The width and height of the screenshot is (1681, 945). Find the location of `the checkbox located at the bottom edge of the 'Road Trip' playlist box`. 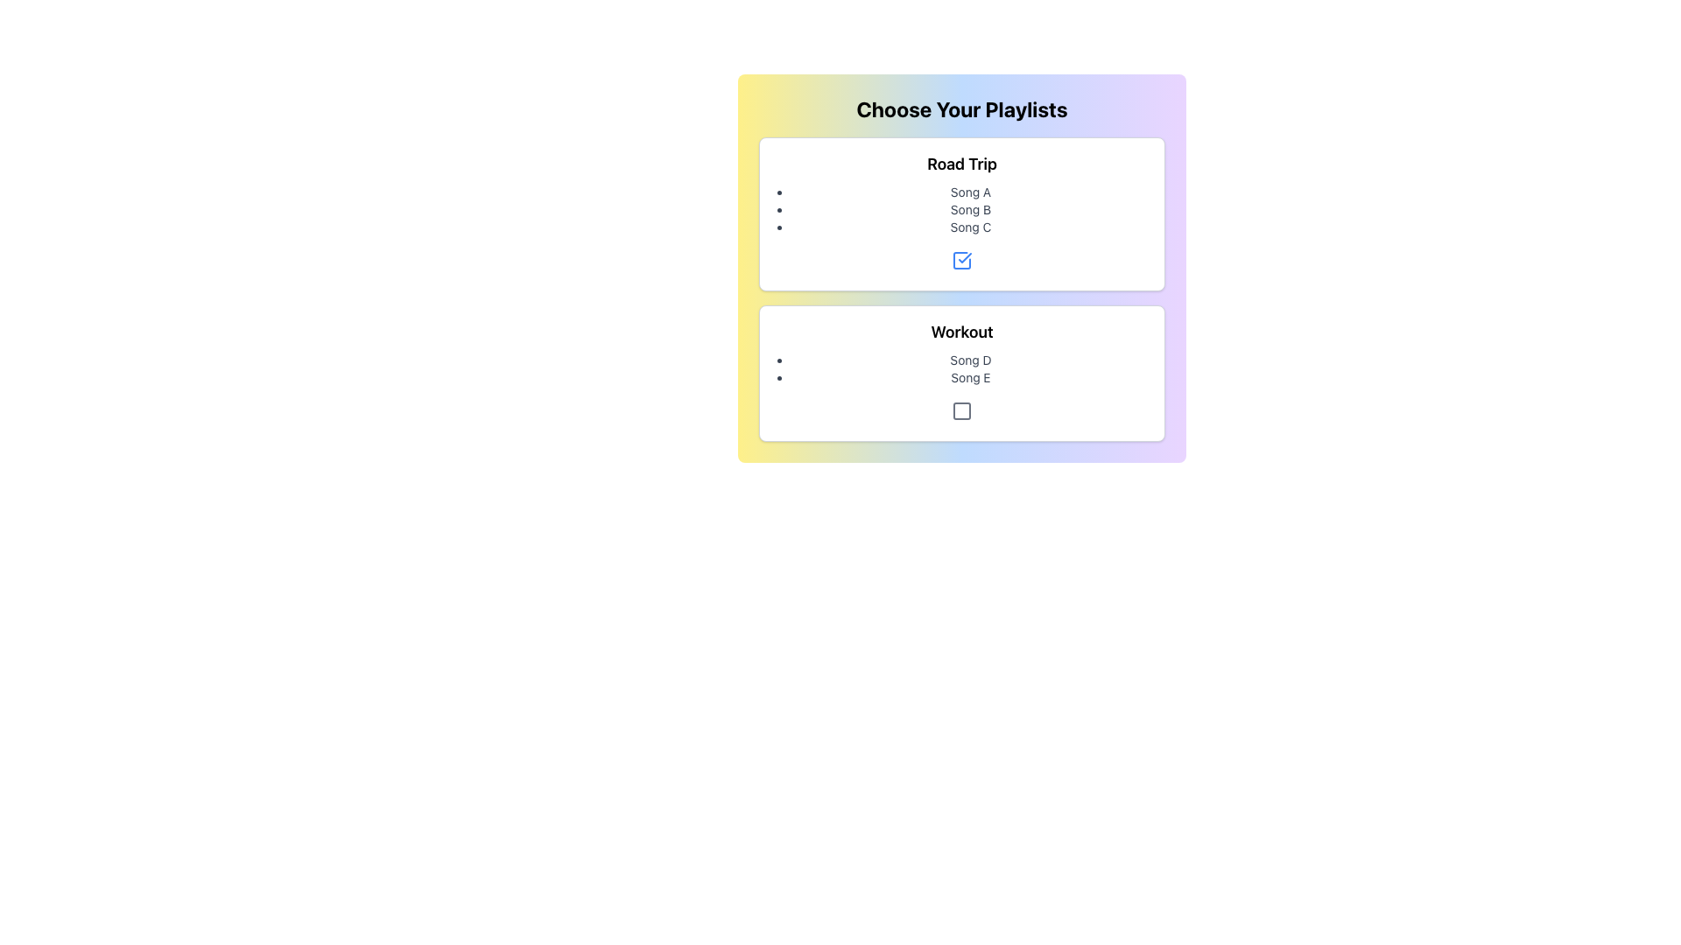

the checkbox located at the bottom edge of the 'Road Trip' playlist box is located at coordinates (961, 260).